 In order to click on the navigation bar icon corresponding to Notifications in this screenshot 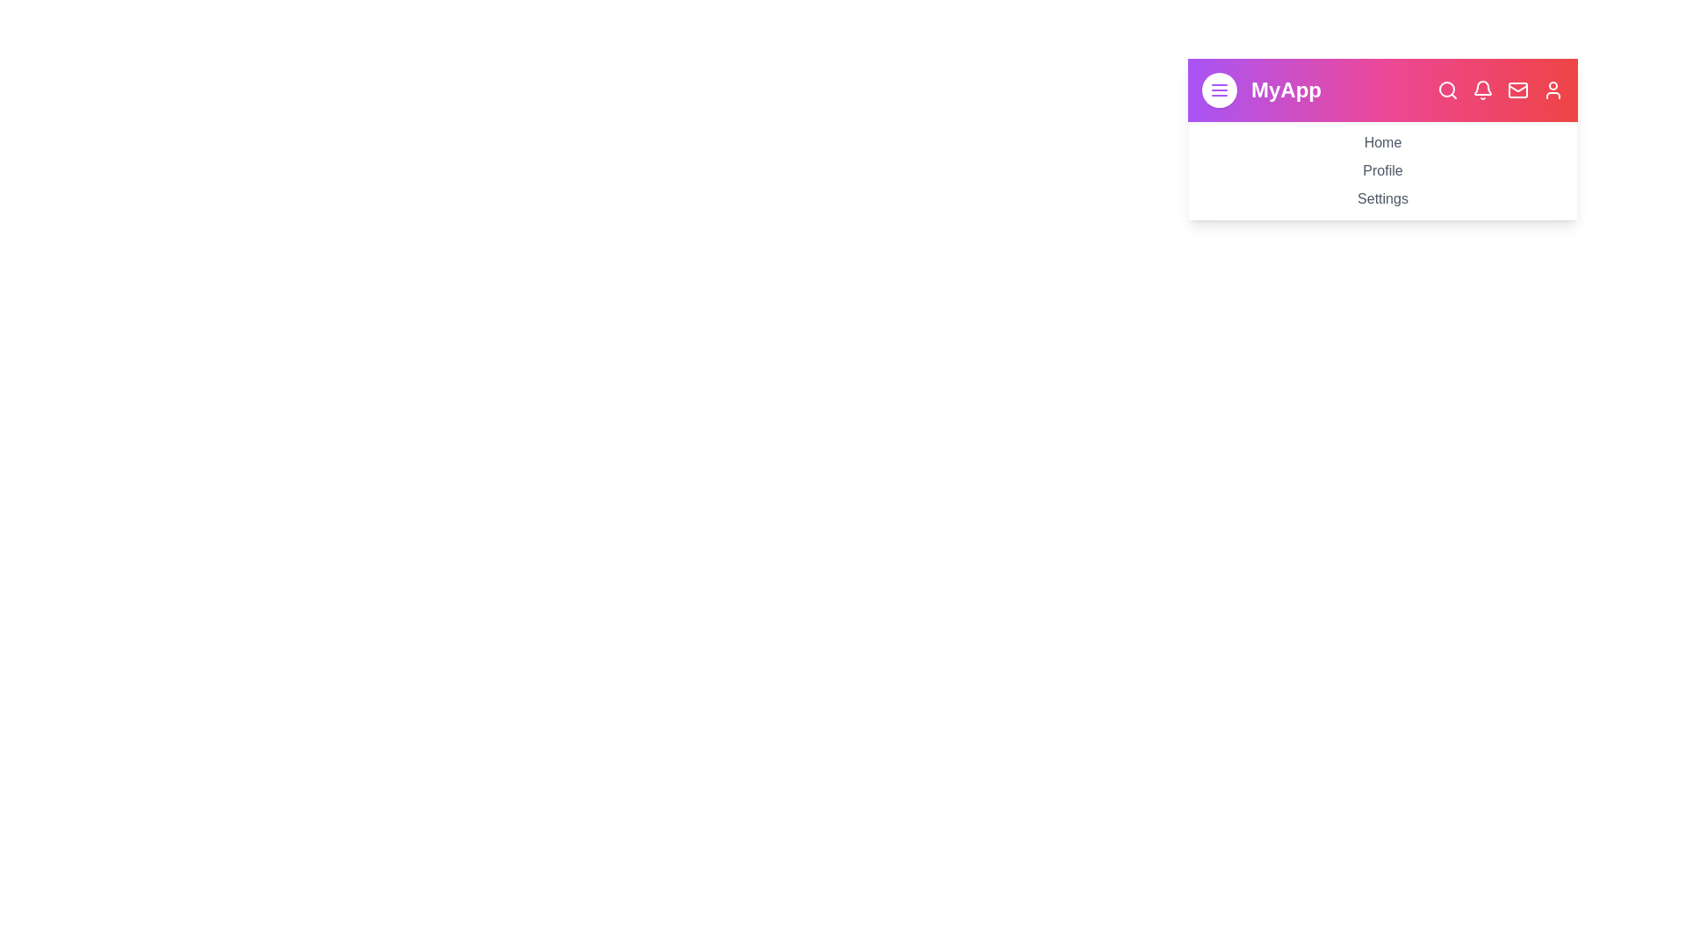, I will do `click(1482, 90)`.